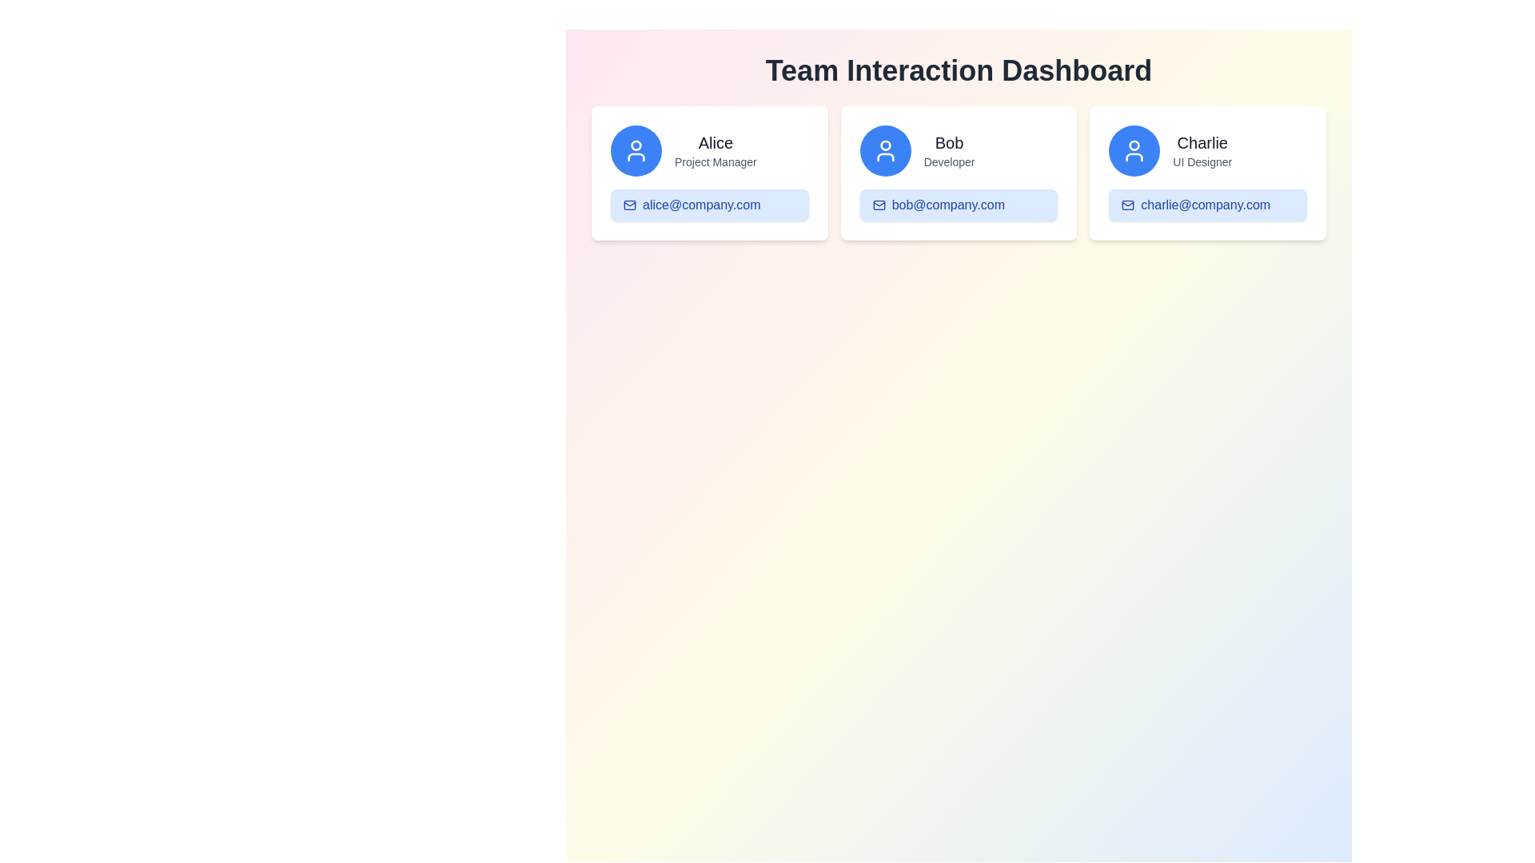  I want to click on the text block containing the bold label 'Charlie' and the smaller text 'UI Designer', located in the third panel under the 'Team Interaction Dashboard', so click(1208, 151).